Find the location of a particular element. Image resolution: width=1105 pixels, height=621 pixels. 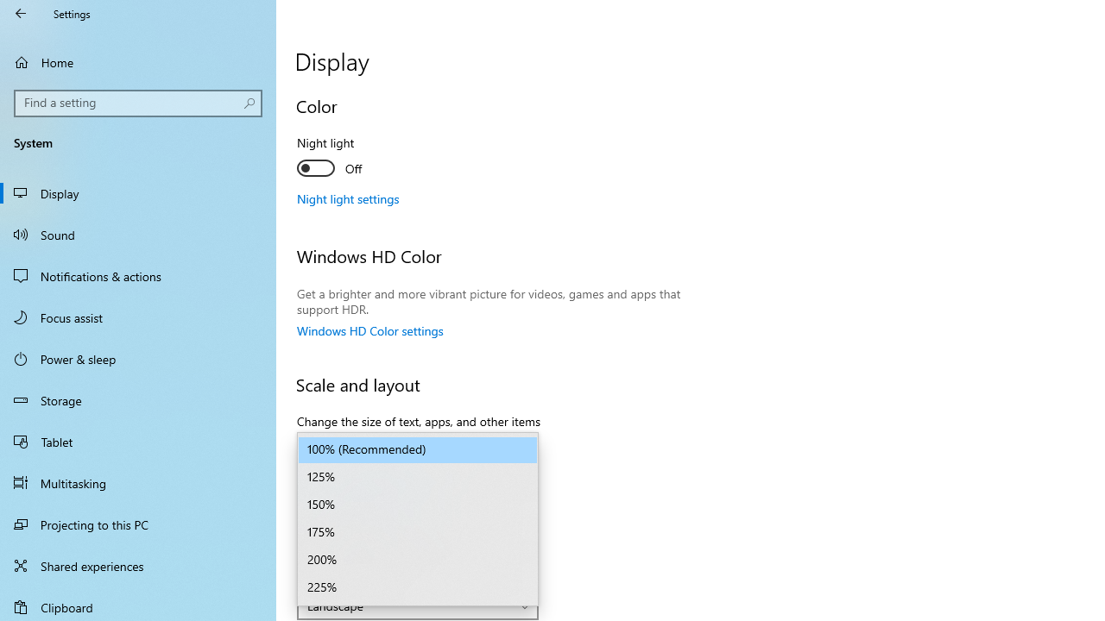

'100% (Recommended)' is located at coordinates (418, 449).